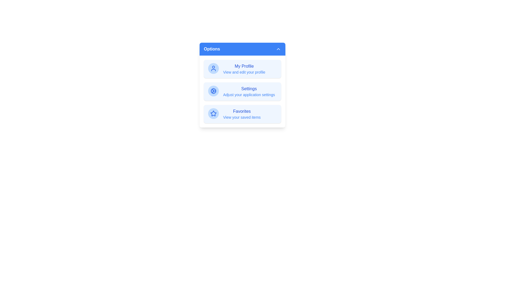  Describe the element at coordinates (242, 91) in the screenshot. I see `the option Settings from the list by clicking on it` at that location.